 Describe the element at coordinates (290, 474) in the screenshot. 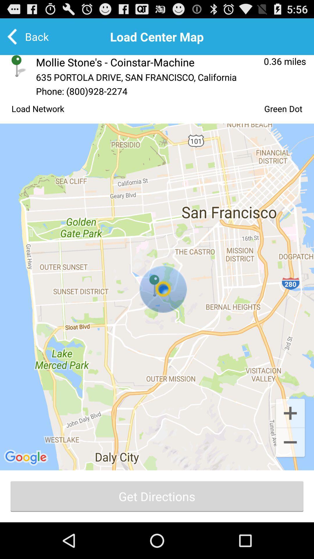

I see `the minus icon` at that location.